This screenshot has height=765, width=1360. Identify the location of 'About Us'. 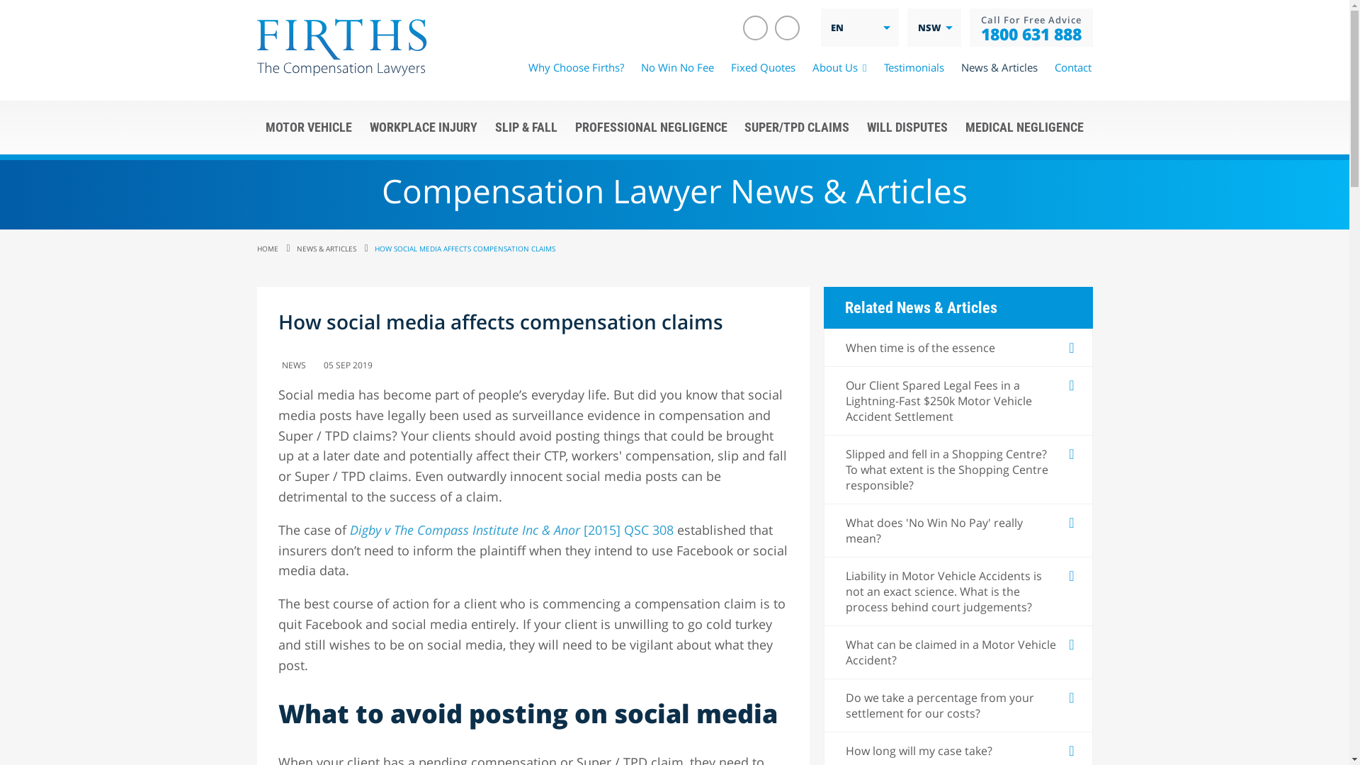
(839, 67).